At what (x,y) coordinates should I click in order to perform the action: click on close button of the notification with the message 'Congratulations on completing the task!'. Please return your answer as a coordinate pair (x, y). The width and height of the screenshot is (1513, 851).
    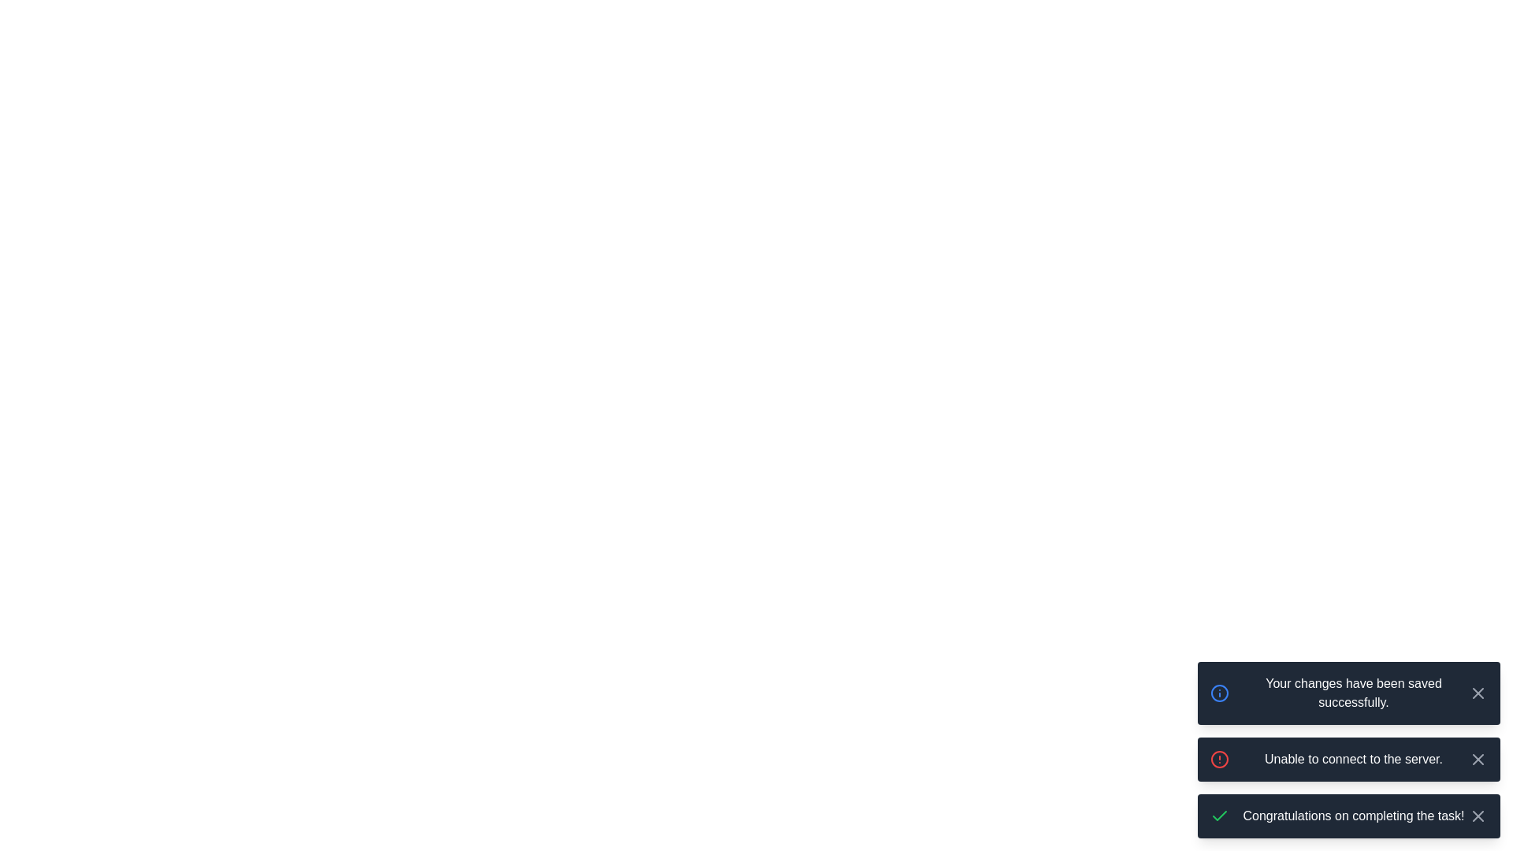
    Looking at the image, I should click on (1478, 816).